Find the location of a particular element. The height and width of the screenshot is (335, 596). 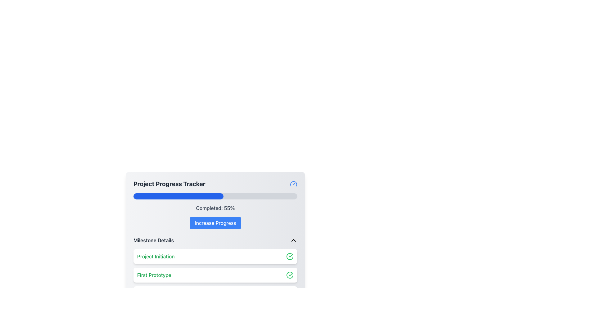

titles of the milestone items displayed as cards below the 'Milestone Details' heading, including 'Project Initiation' and 'First Prototype' is located at coordinates (215, 284).